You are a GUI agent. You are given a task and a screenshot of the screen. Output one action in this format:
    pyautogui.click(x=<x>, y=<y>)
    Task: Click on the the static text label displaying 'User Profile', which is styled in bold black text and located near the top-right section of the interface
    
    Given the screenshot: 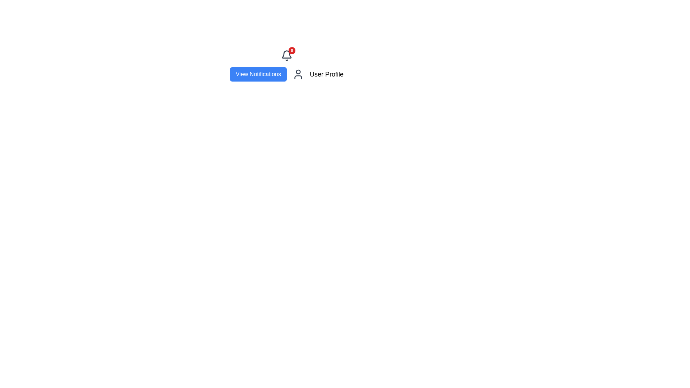 What is the action you would take?
    pyautogui.click(x=326, y=74)
    